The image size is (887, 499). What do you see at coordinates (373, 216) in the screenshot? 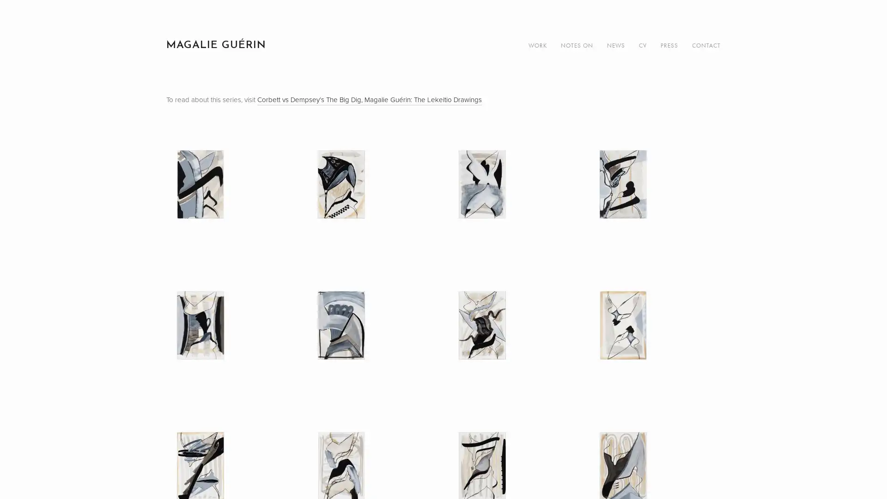
I see `View fullsize Untitled (LK 02), 2019` at bounding box center [373, 216].